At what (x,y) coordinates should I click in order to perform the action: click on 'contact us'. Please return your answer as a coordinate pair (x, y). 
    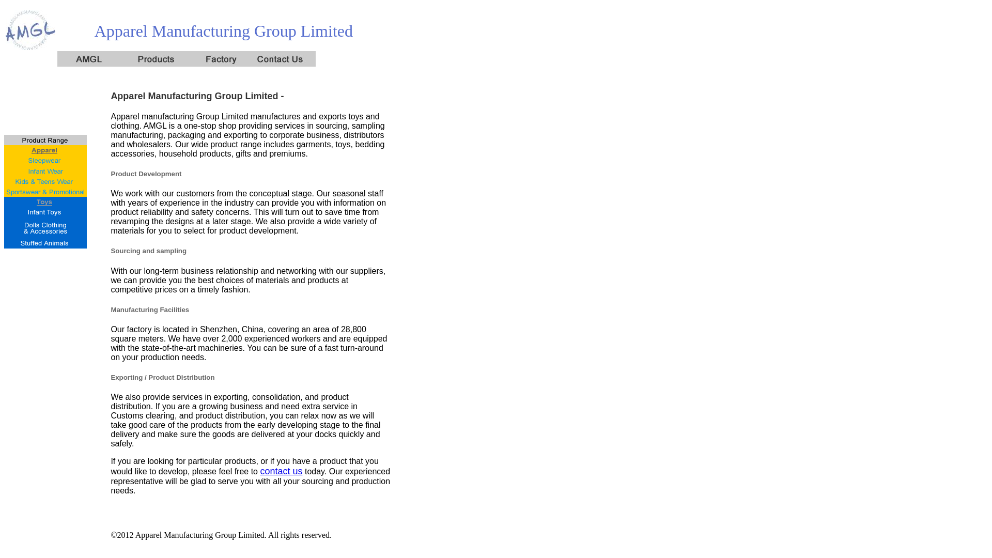
    Looking at the image, I should click on (281, 471).